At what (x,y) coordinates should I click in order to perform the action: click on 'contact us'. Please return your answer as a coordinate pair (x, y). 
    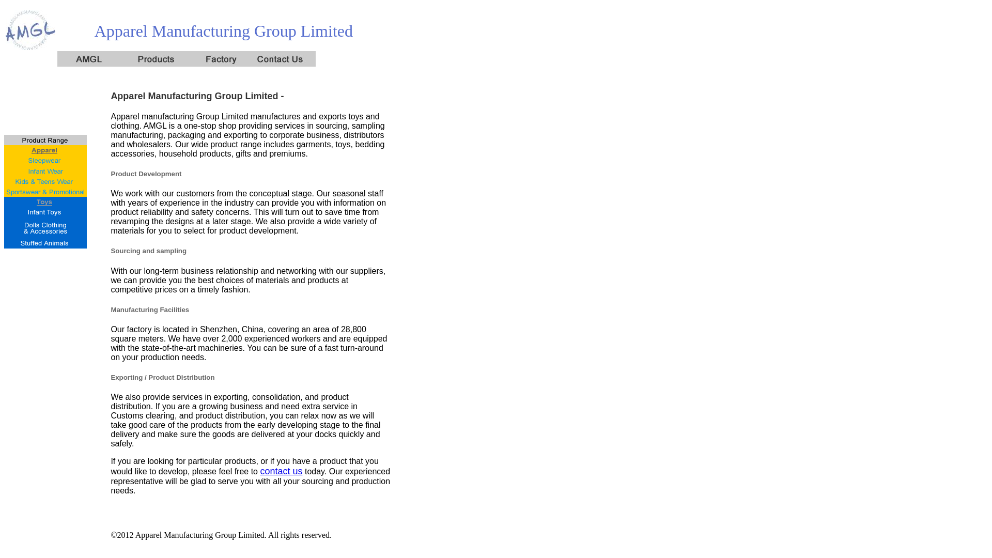
    Looking at the image, I should click on (281, 471).